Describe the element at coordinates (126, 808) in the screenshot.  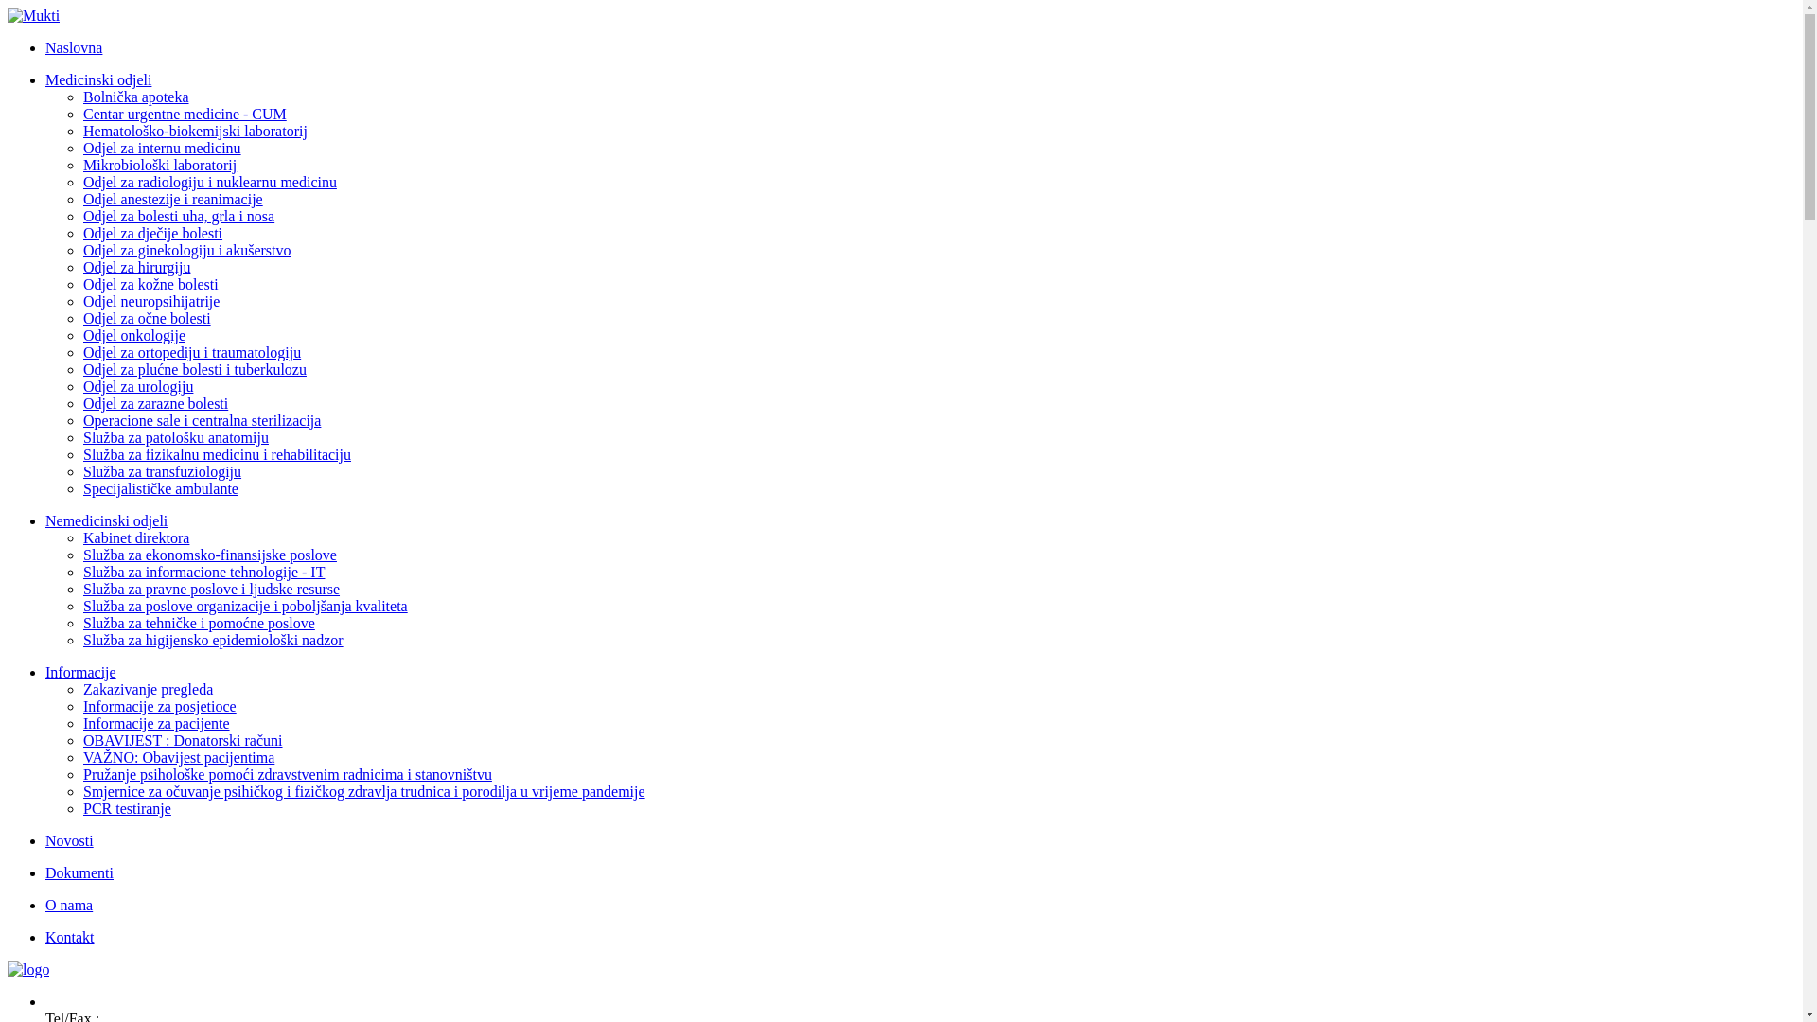
I see `'PCR testiranje'` at that location.